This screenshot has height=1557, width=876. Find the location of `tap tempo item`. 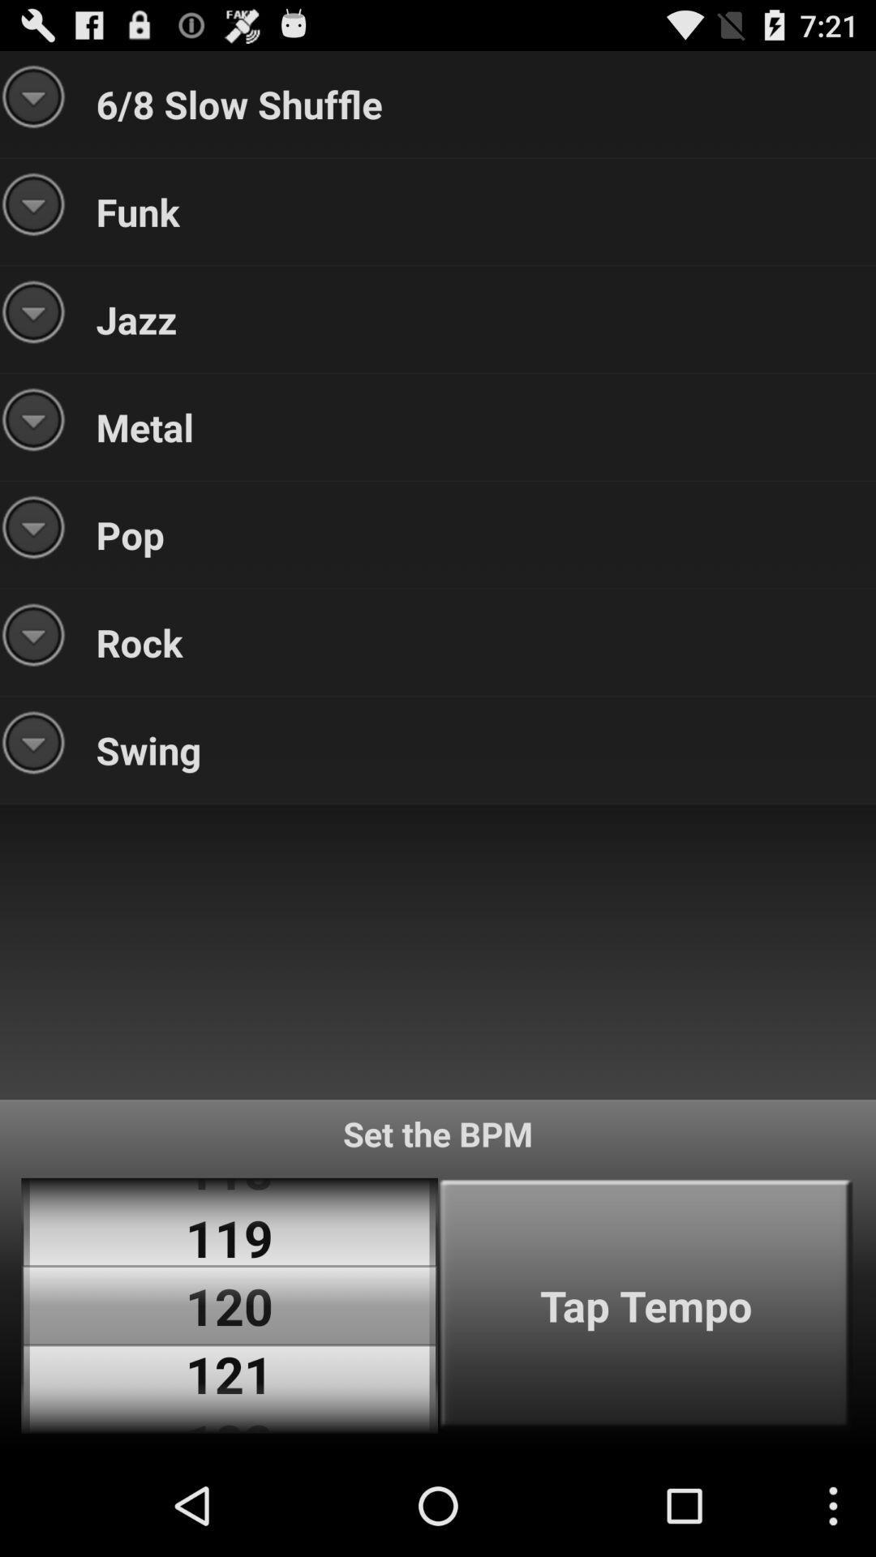

tap tempo item is located at coordinates (645, 1306).